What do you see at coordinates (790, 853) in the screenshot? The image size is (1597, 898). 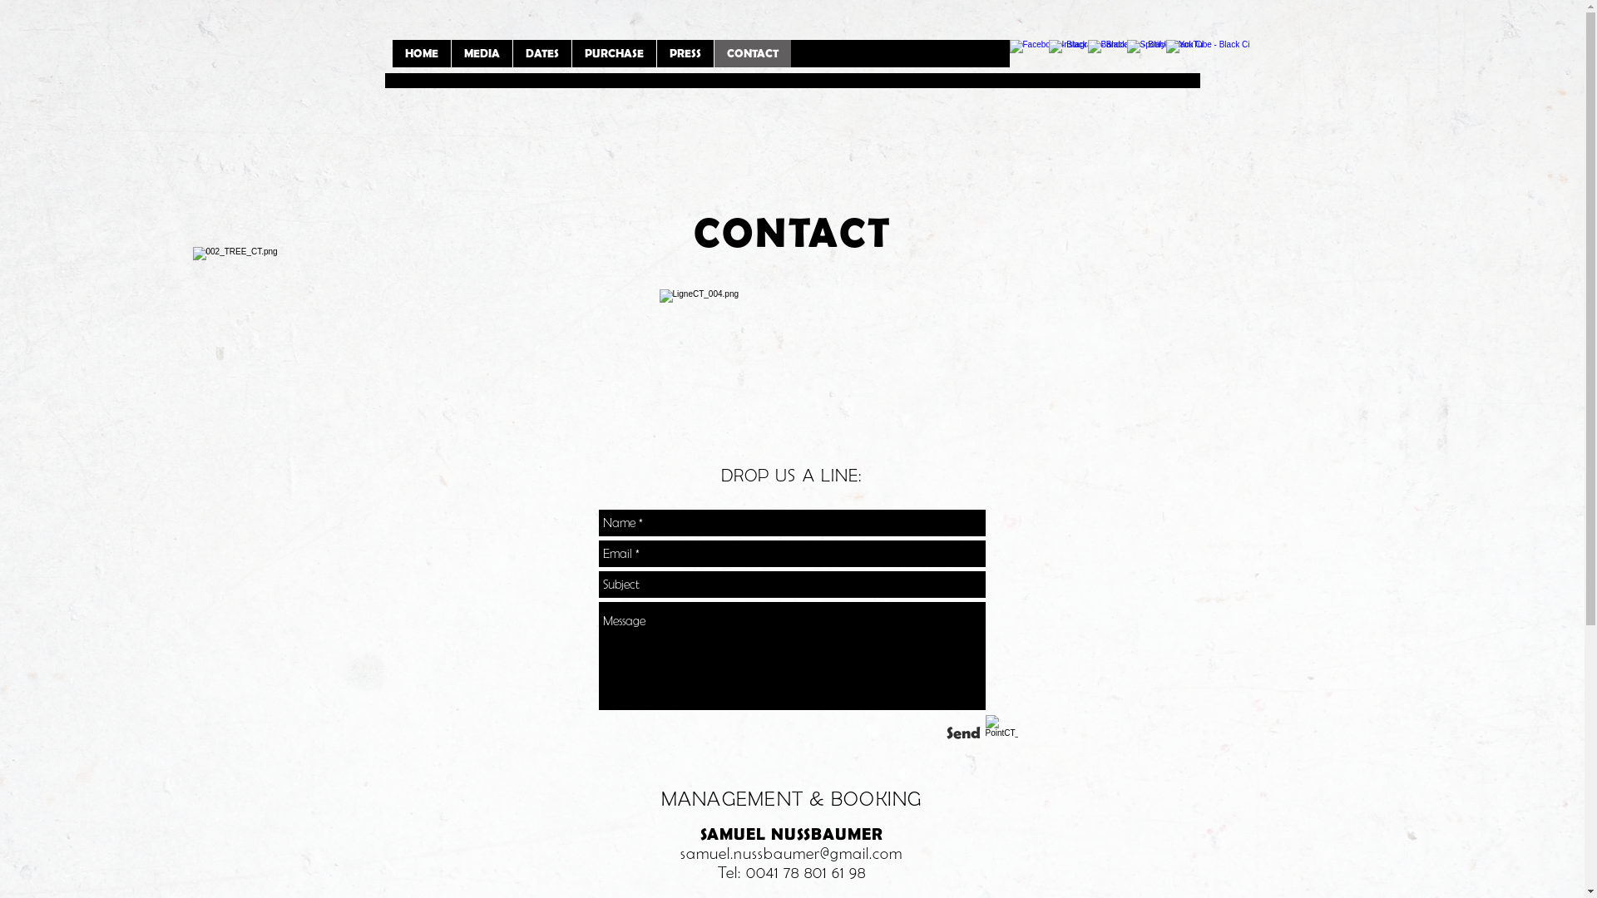 I see `'samuel.nussbaumer@gmail.com'` at bounding box center [790, 853].